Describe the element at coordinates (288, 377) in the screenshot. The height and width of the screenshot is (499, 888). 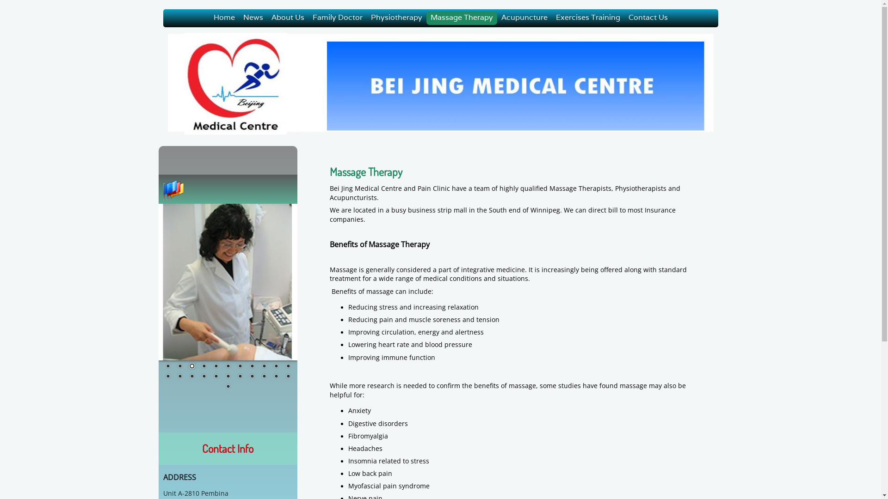
I see `'22'` at that location.